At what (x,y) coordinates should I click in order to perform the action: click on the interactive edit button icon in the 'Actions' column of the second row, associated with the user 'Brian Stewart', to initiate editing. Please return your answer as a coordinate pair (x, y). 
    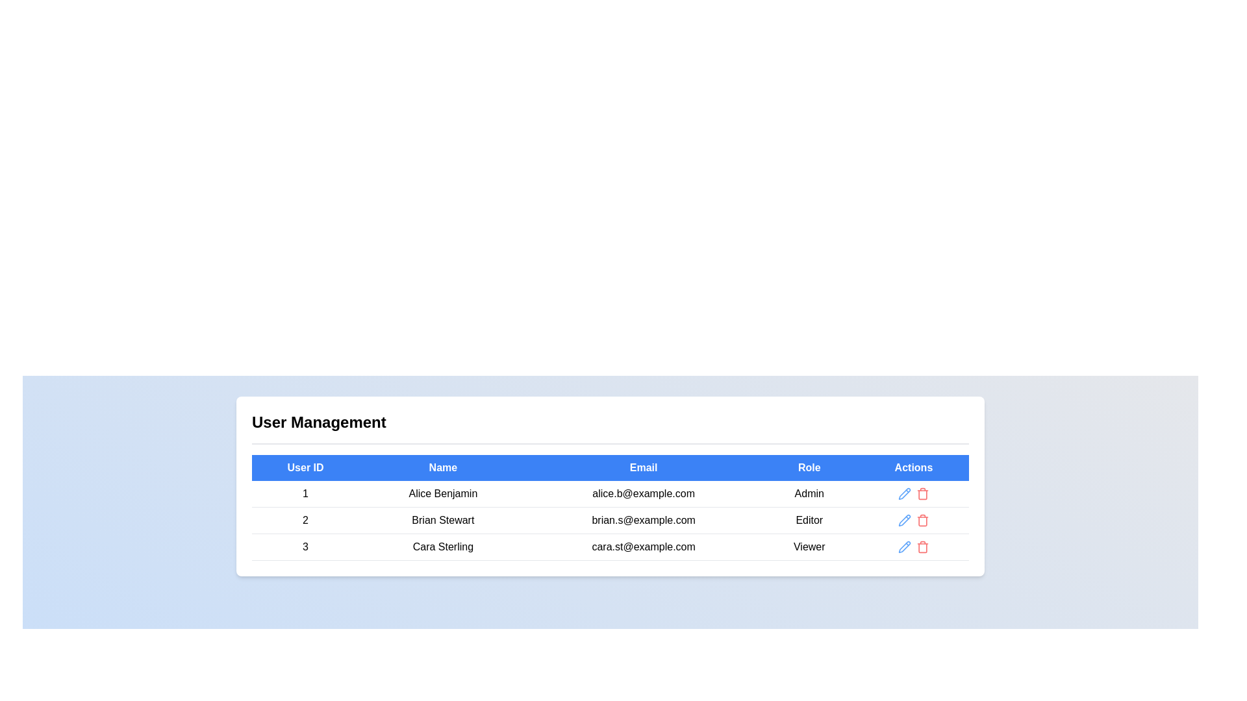
    Looking at the image, I should click on (903, 520).